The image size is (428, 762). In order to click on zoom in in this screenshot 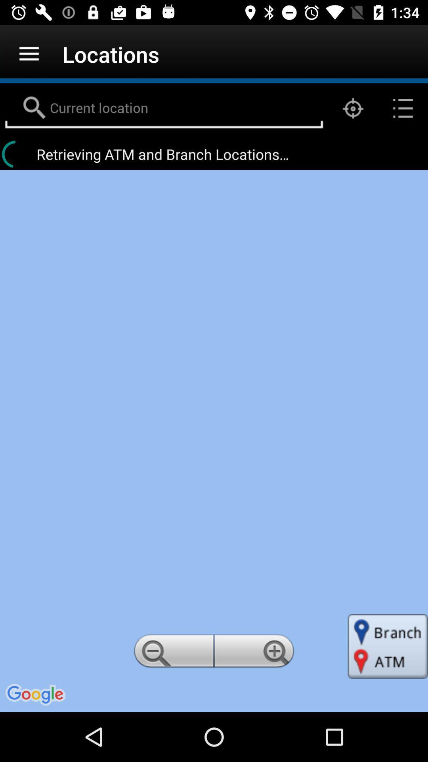, I will do `click(255, 653)`.